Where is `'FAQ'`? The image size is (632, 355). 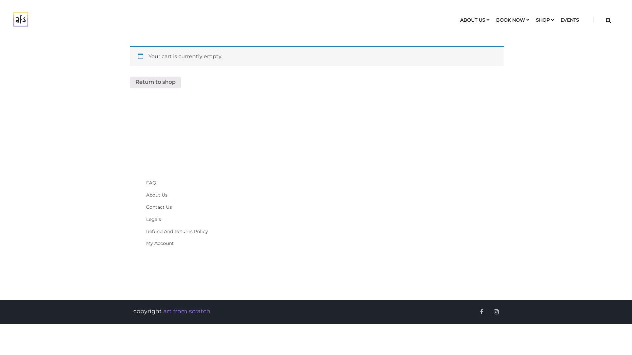
'FAQ' is located at coordinates (181, 183).